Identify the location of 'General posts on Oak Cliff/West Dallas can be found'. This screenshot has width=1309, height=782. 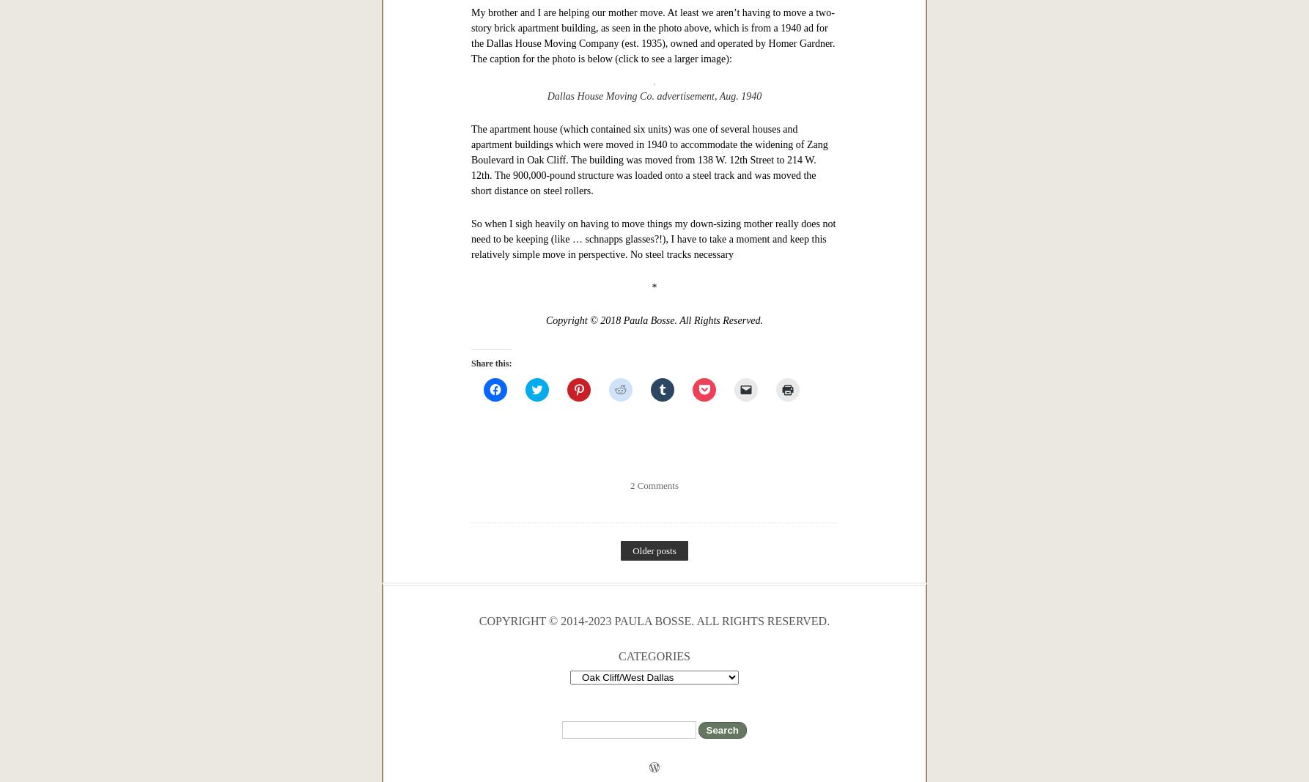
(580, 7).